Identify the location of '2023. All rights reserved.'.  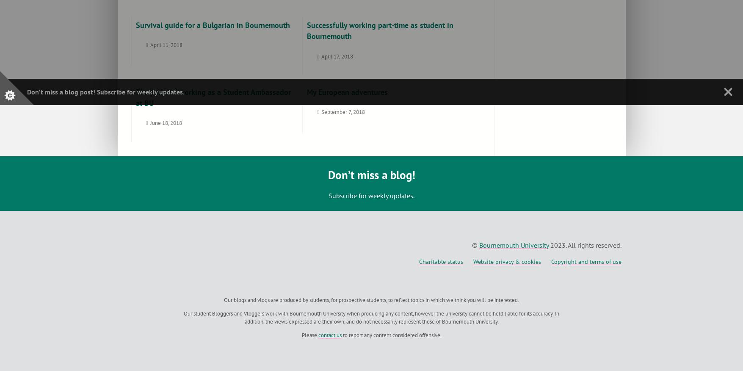
(548, 244).